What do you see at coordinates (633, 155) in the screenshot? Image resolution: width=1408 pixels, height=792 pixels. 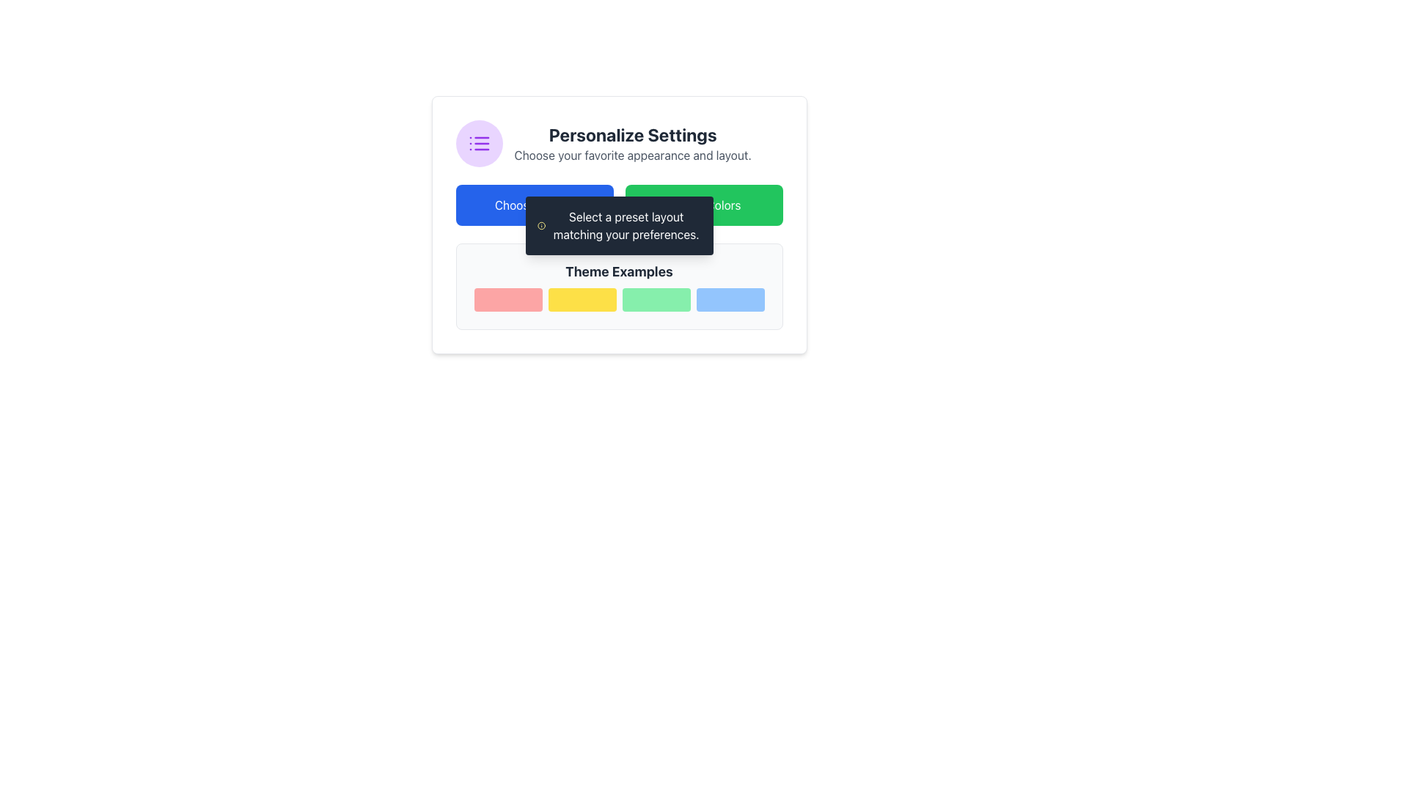 I see `the descriptive text element located directly below the 'Personalize Settings' heading, which provides additional context about the available settings` at bounding box center [633, 155].